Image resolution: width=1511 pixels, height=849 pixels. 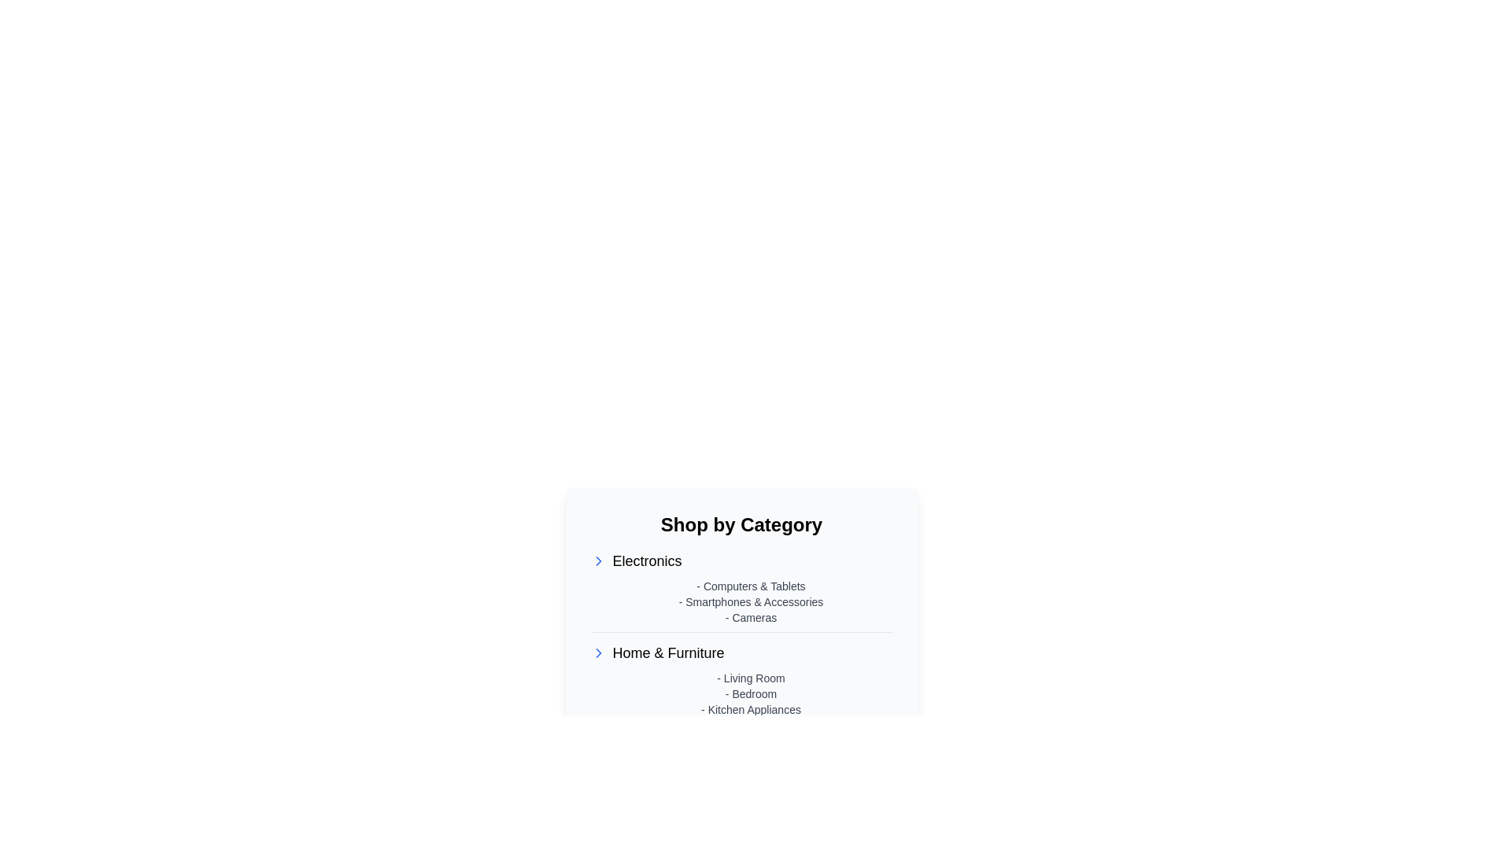 What do you see at coordinates (741, 591) in the screenshot?
I see `the subcategory item under the 'Electronics' section to navigate to its page` at bounding box center [741, 591].